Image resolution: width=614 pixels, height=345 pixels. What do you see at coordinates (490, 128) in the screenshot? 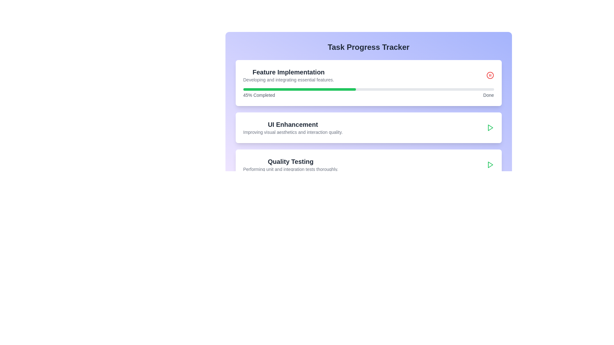
I see `the play icon button, which is a green triangle pointing to the right located in the second row containing the text 'UI Enhancement'` at bounding box center [490, 128].